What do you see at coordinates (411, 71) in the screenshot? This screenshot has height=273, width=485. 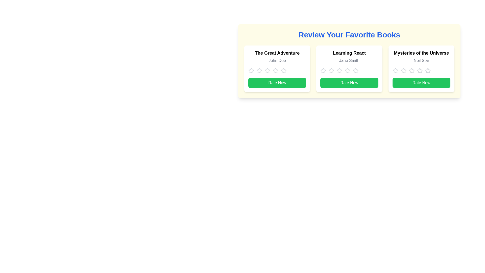 I see `the fourth star rating icon for the book 'Mysteries of the Universe', which is a hollow light gray star located below the text 'Neil Star' and above the 'Rate Now' button` at bounding box center [411, 71].